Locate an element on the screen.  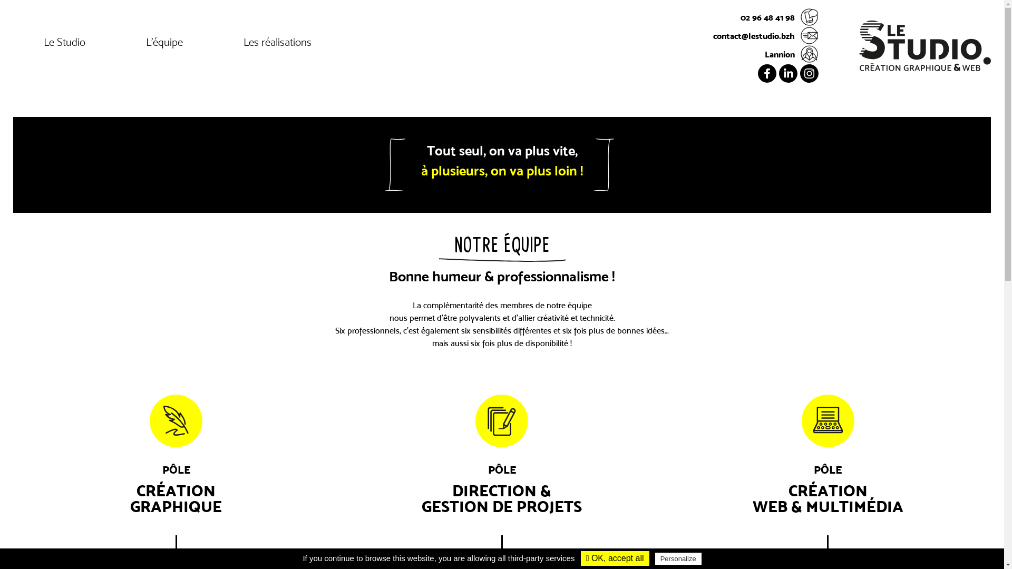
'Lannion' is located at coordinates (766, 54).